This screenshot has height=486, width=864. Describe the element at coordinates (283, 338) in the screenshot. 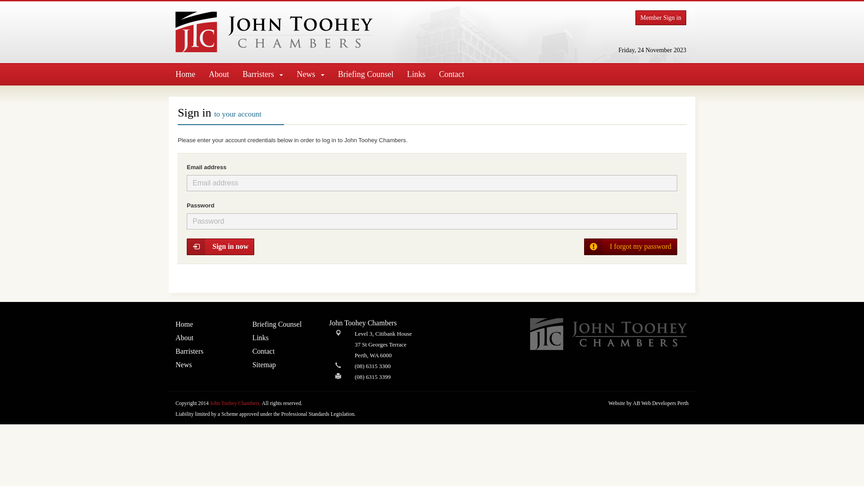

I see `'Links'` at that location.